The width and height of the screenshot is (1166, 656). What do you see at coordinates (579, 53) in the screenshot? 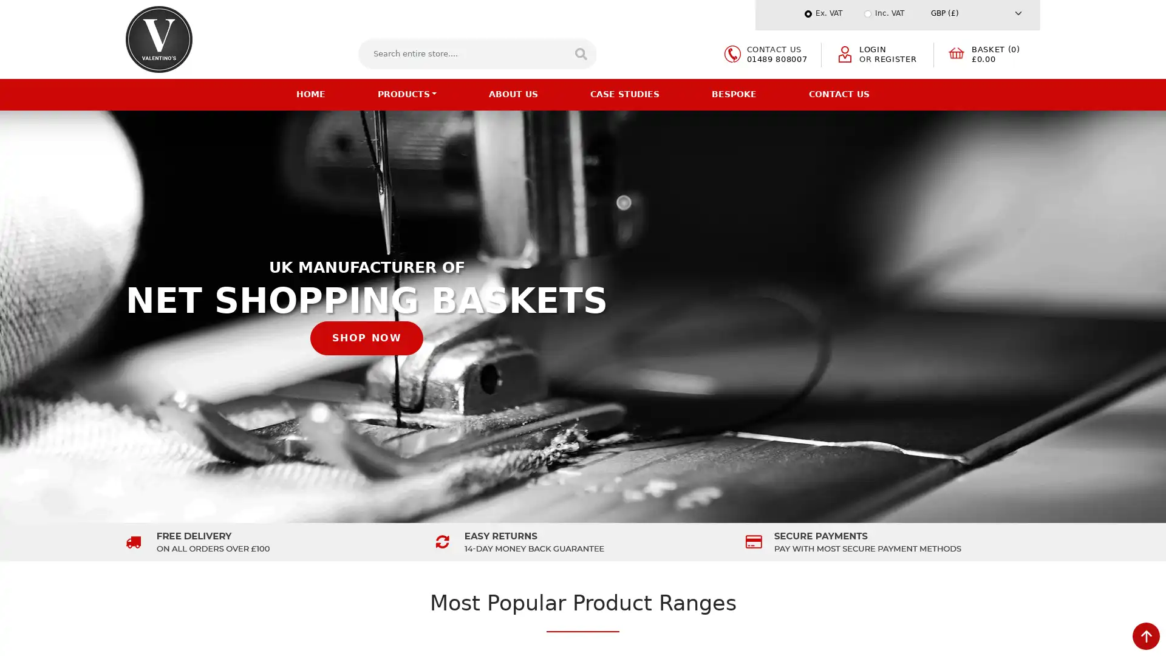
I see `Search entire store` at bounding box center [579, 53].